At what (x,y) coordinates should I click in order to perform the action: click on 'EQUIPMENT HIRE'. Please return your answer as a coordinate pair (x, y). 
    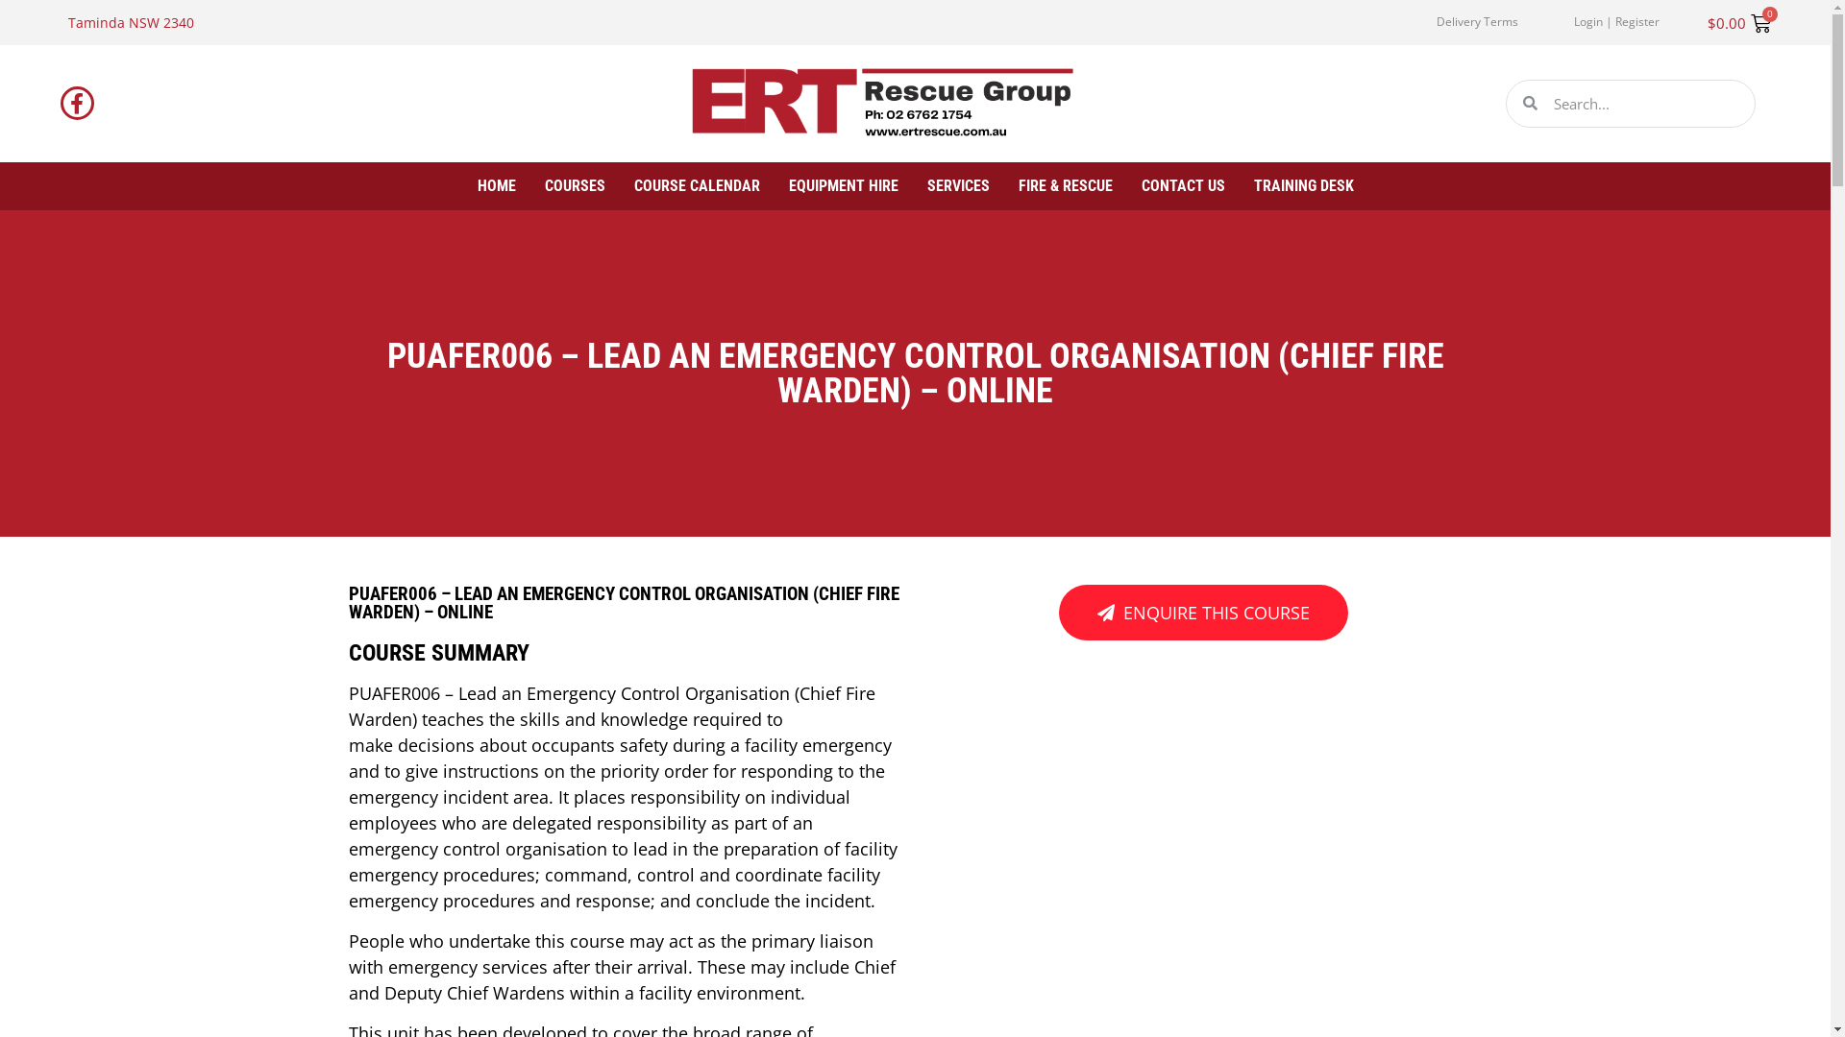
    Looking at the image, I should click on (788, 185).